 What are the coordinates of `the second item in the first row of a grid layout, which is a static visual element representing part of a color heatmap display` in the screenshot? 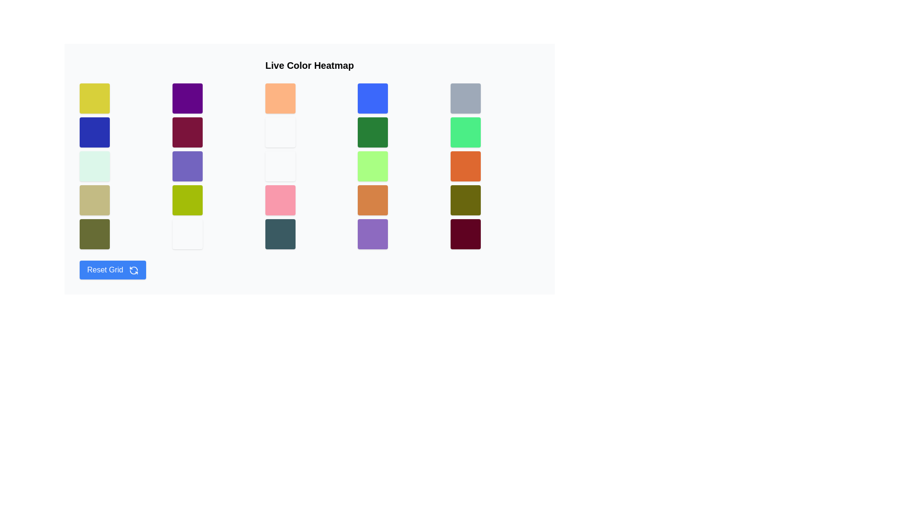 It's located at (187, 98).